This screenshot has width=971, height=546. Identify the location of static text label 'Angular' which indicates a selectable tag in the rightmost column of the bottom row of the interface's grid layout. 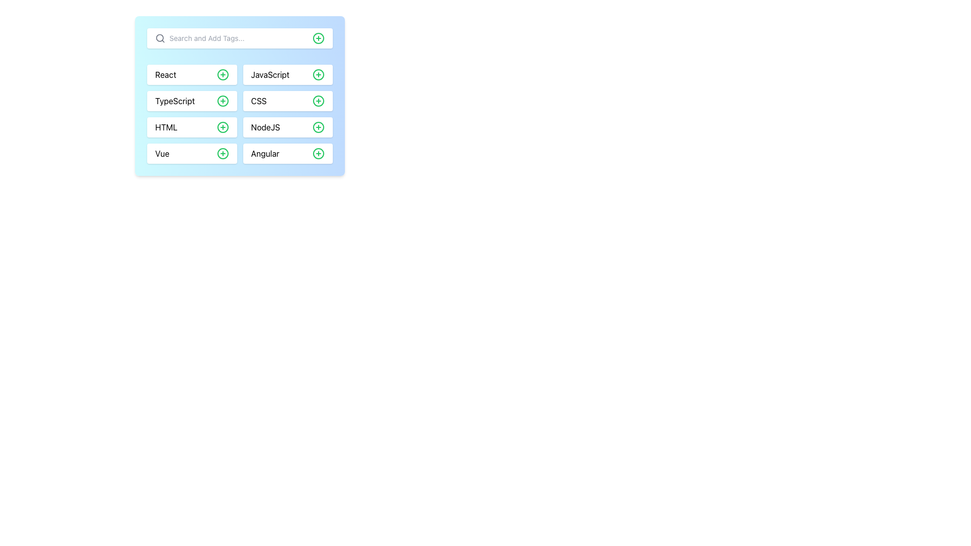
(265, 154).